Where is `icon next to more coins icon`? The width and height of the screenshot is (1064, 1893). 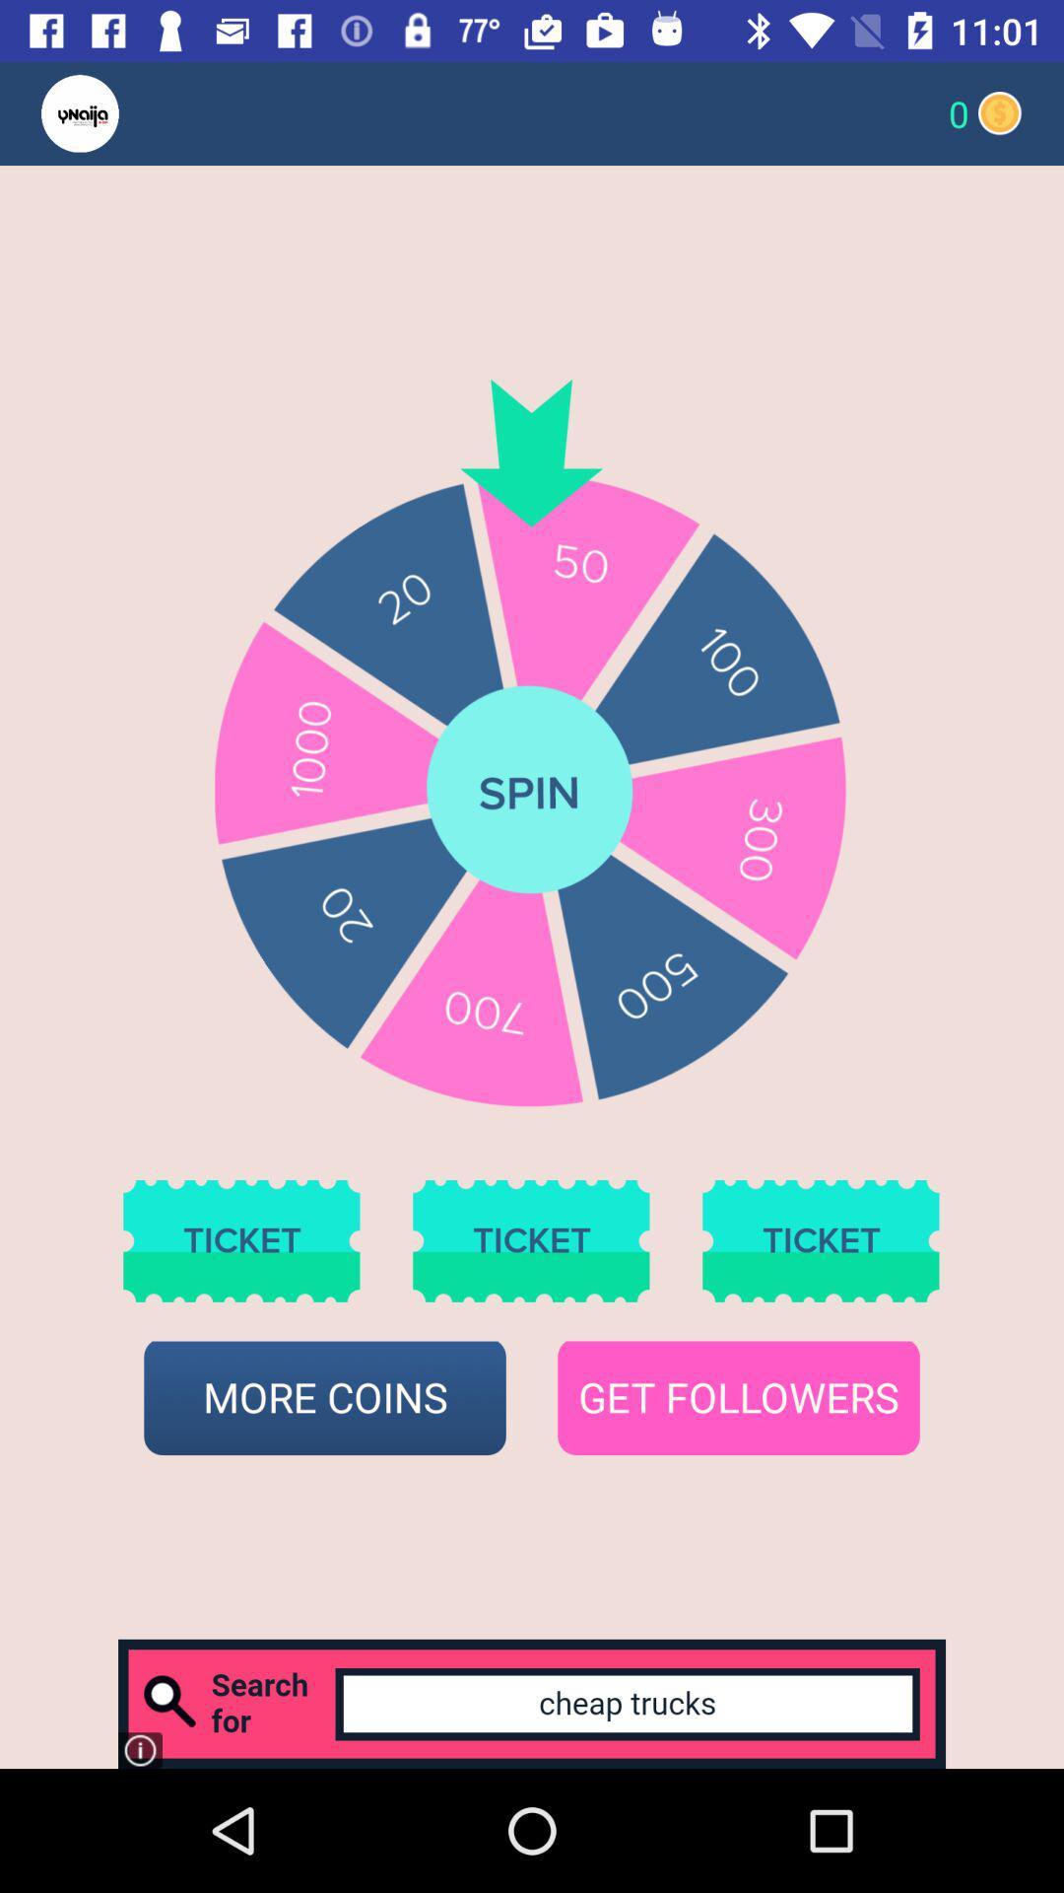
icon next to more coins icon is located at coordinates (738, 1397).